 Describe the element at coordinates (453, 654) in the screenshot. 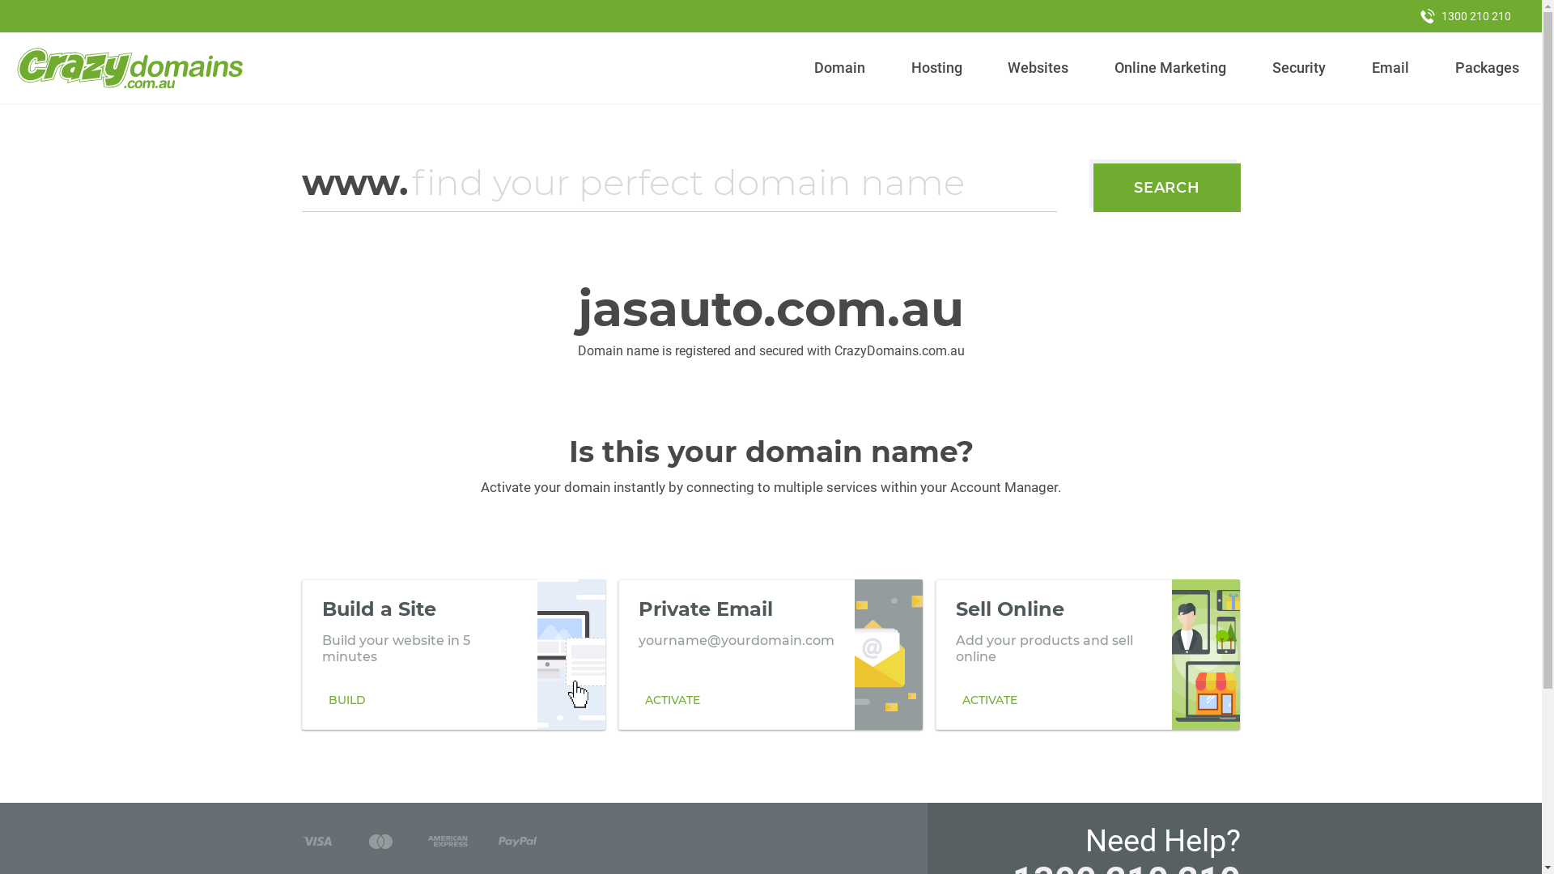

I see `'Build a Site` at that location.